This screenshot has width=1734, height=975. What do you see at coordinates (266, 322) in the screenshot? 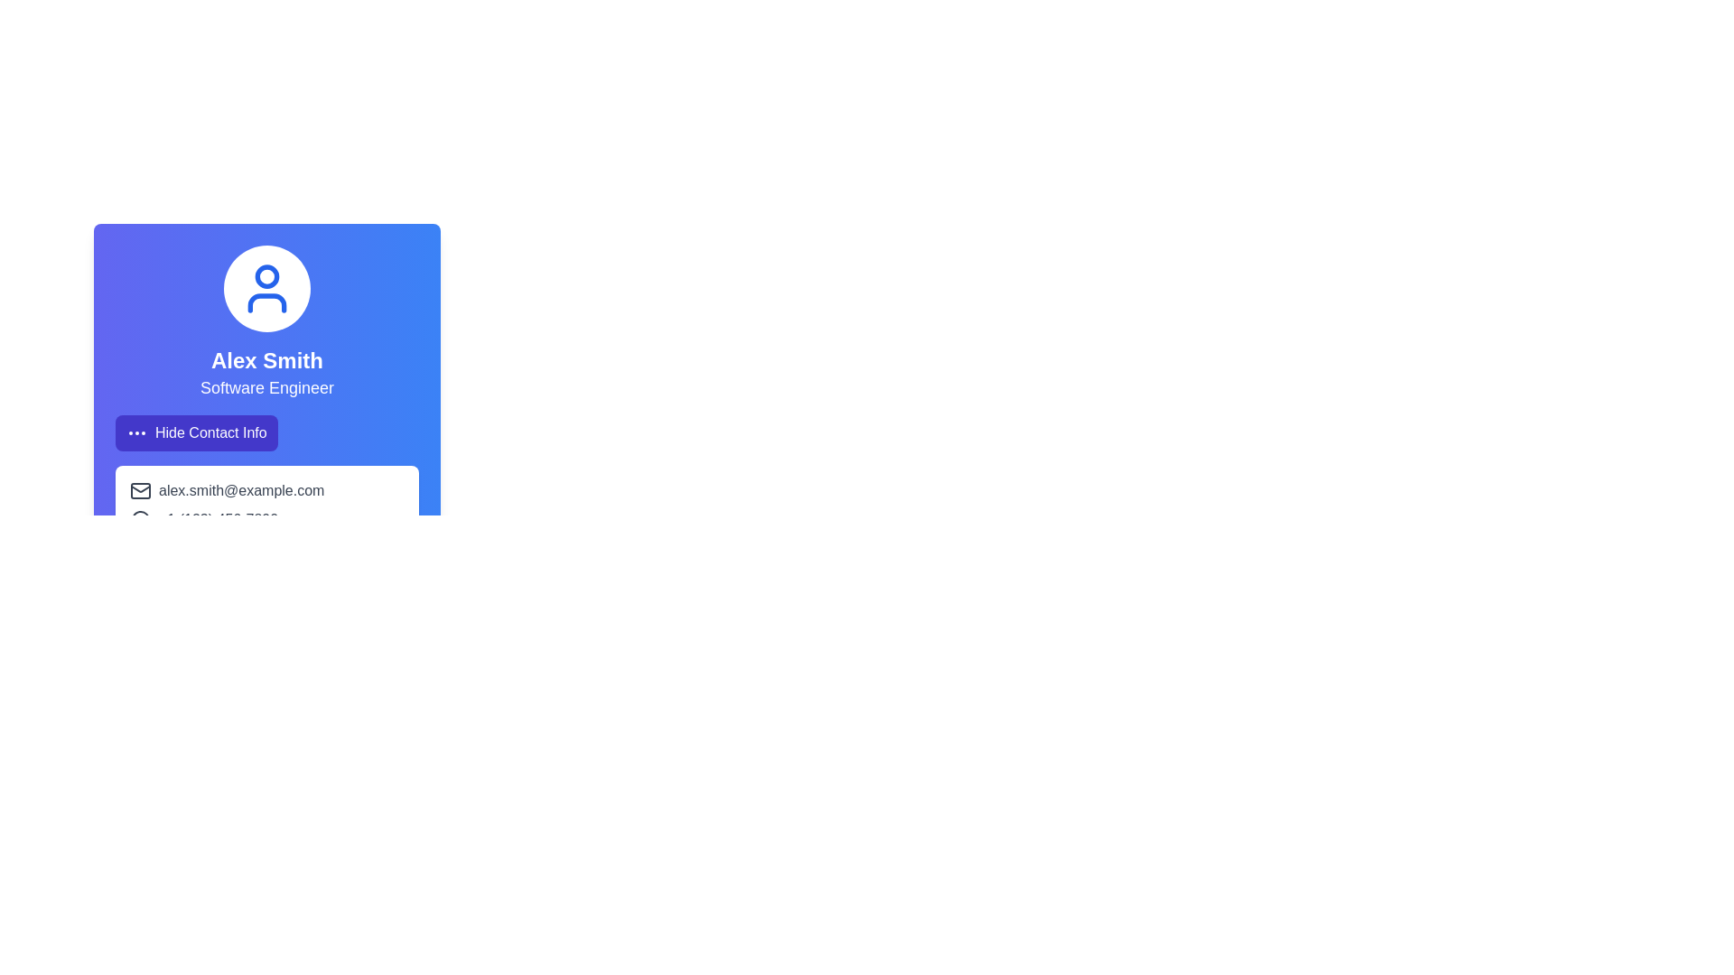
I see `the Profile Display Component to read the displayed user's name and job title` at bounding box center [266, 322].